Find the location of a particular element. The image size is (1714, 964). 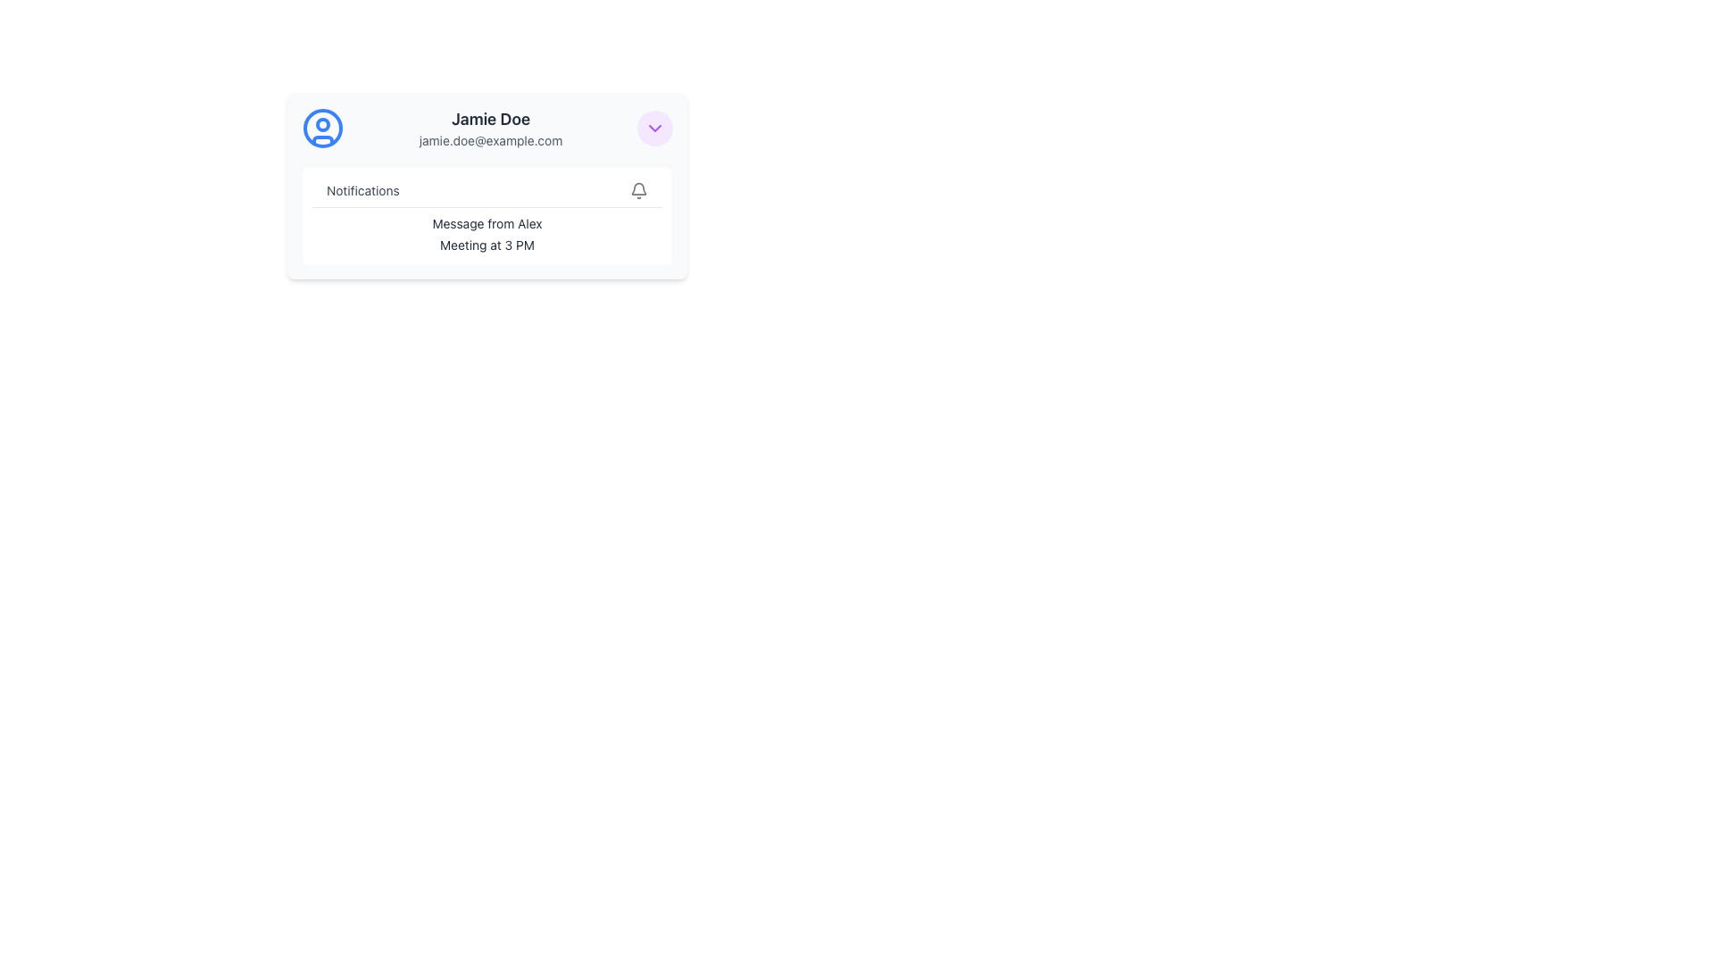

the notification card informing about a message from Alex and a scheduled meeting at 3 PM, located below the user details section in the profile card layout is located at coordinates (487, 213).